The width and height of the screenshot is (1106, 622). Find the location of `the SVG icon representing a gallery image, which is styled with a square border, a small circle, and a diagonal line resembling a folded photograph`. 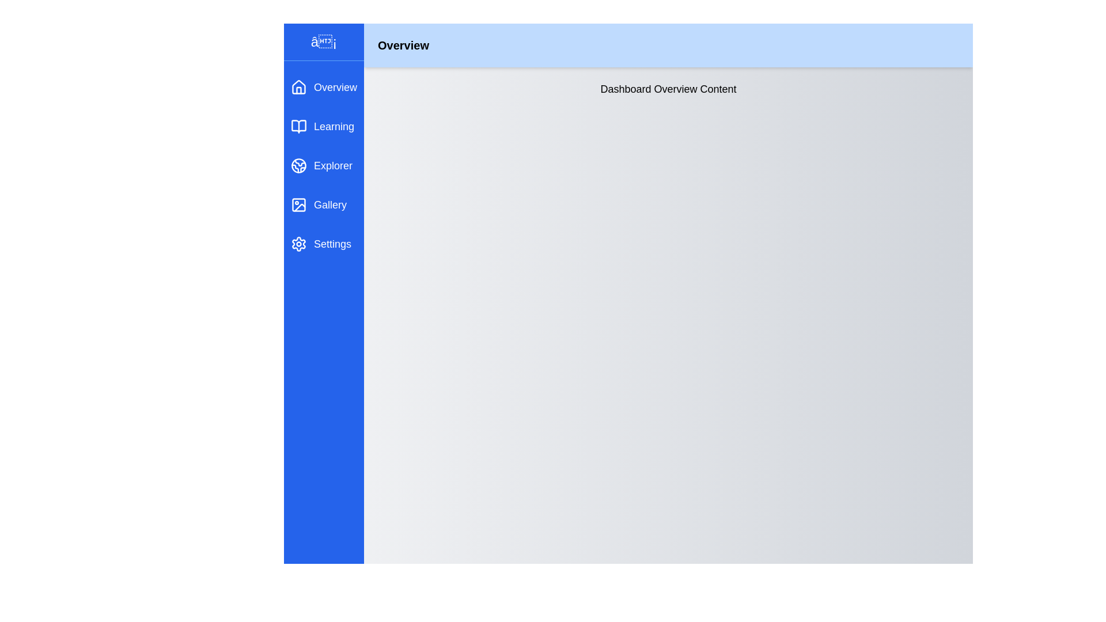

the SVG icon representing a gallery image, which is styled with a square border, a small circle, and a diagonal line resembling a folded photograph is located at coordinates (298, 204).